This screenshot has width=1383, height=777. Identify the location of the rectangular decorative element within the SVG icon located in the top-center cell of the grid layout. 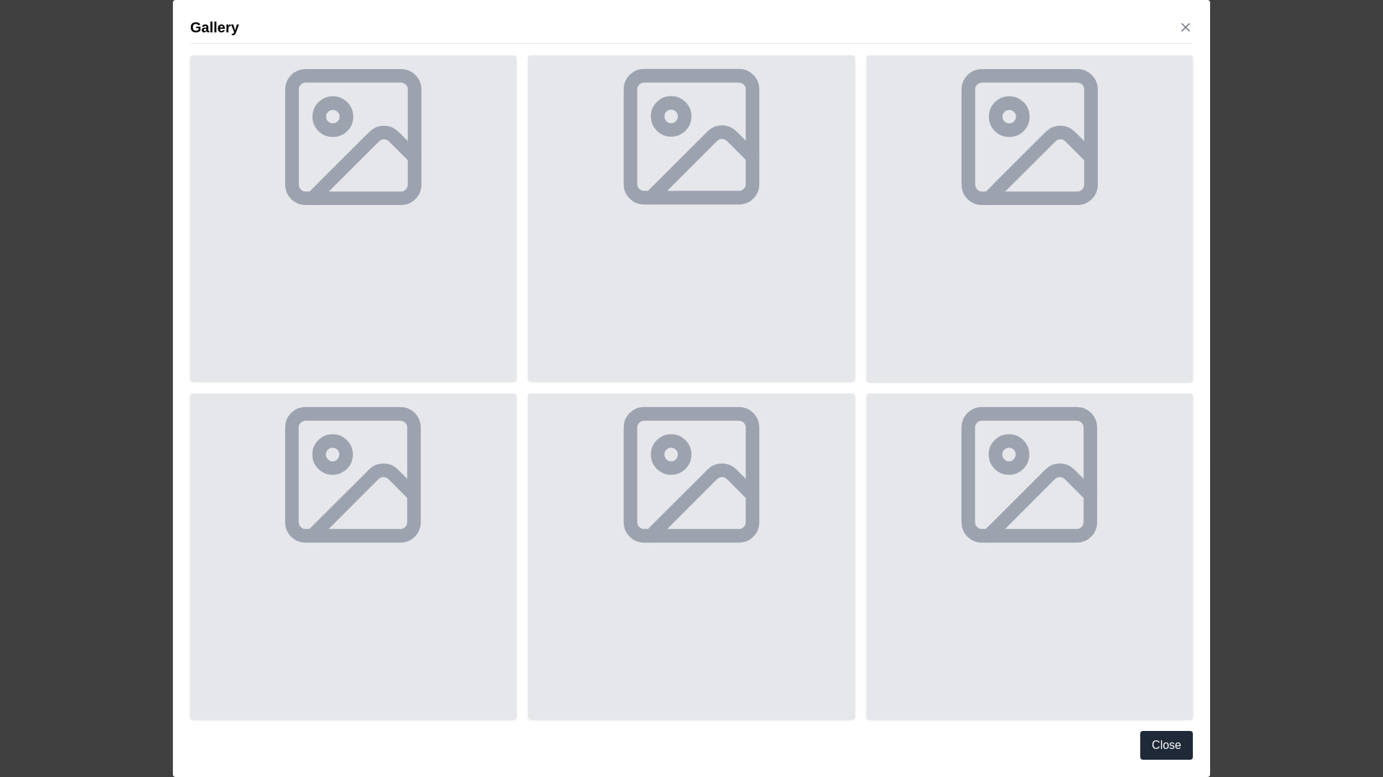
(691, 137).